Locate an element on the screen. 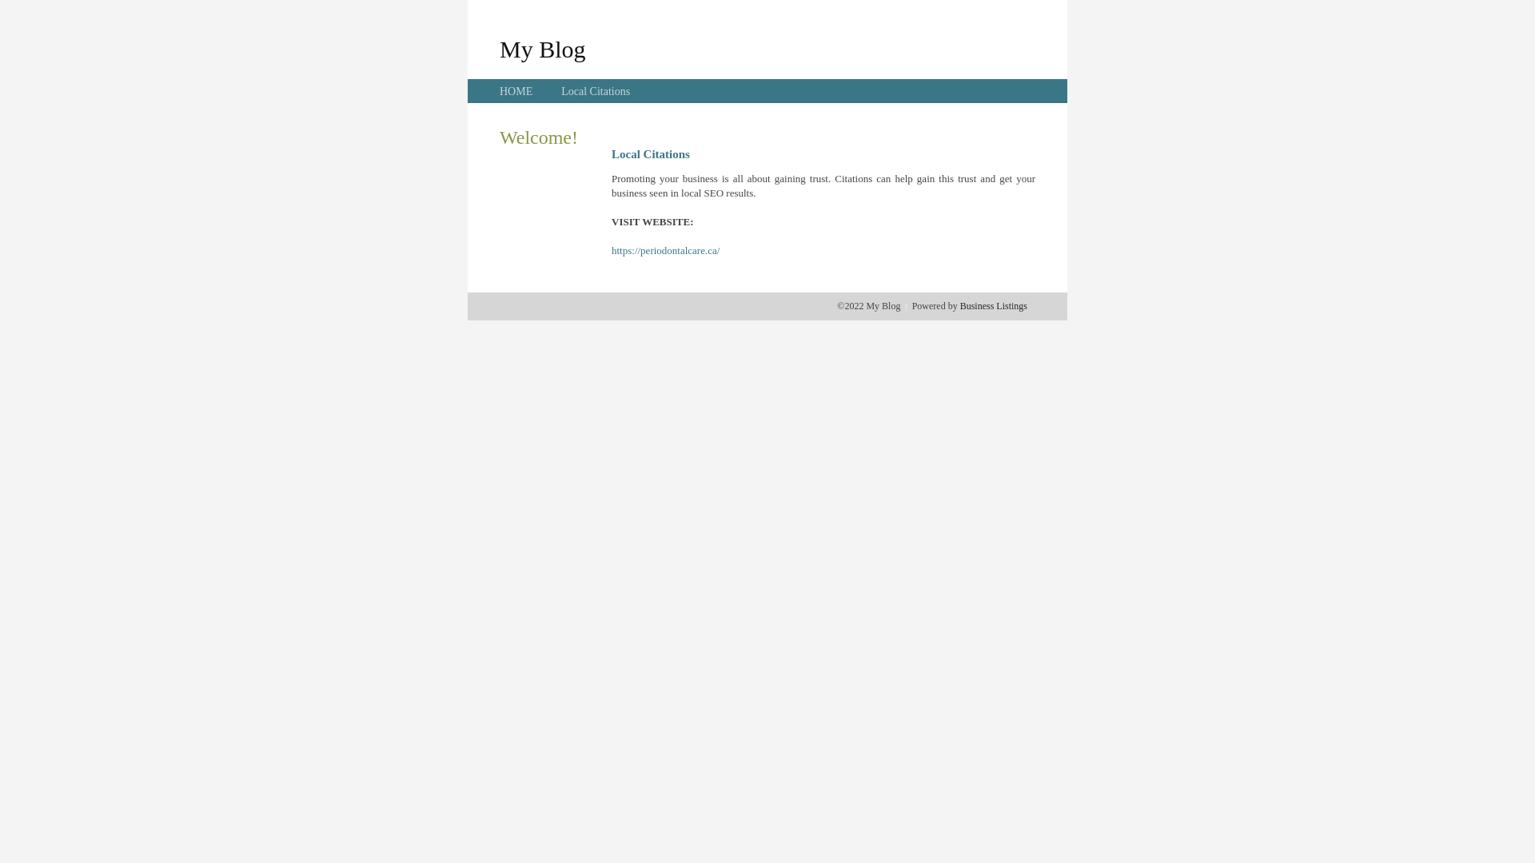 The image size is (1535, 863). 'Business Listings' is located at coordinates (993, 305).